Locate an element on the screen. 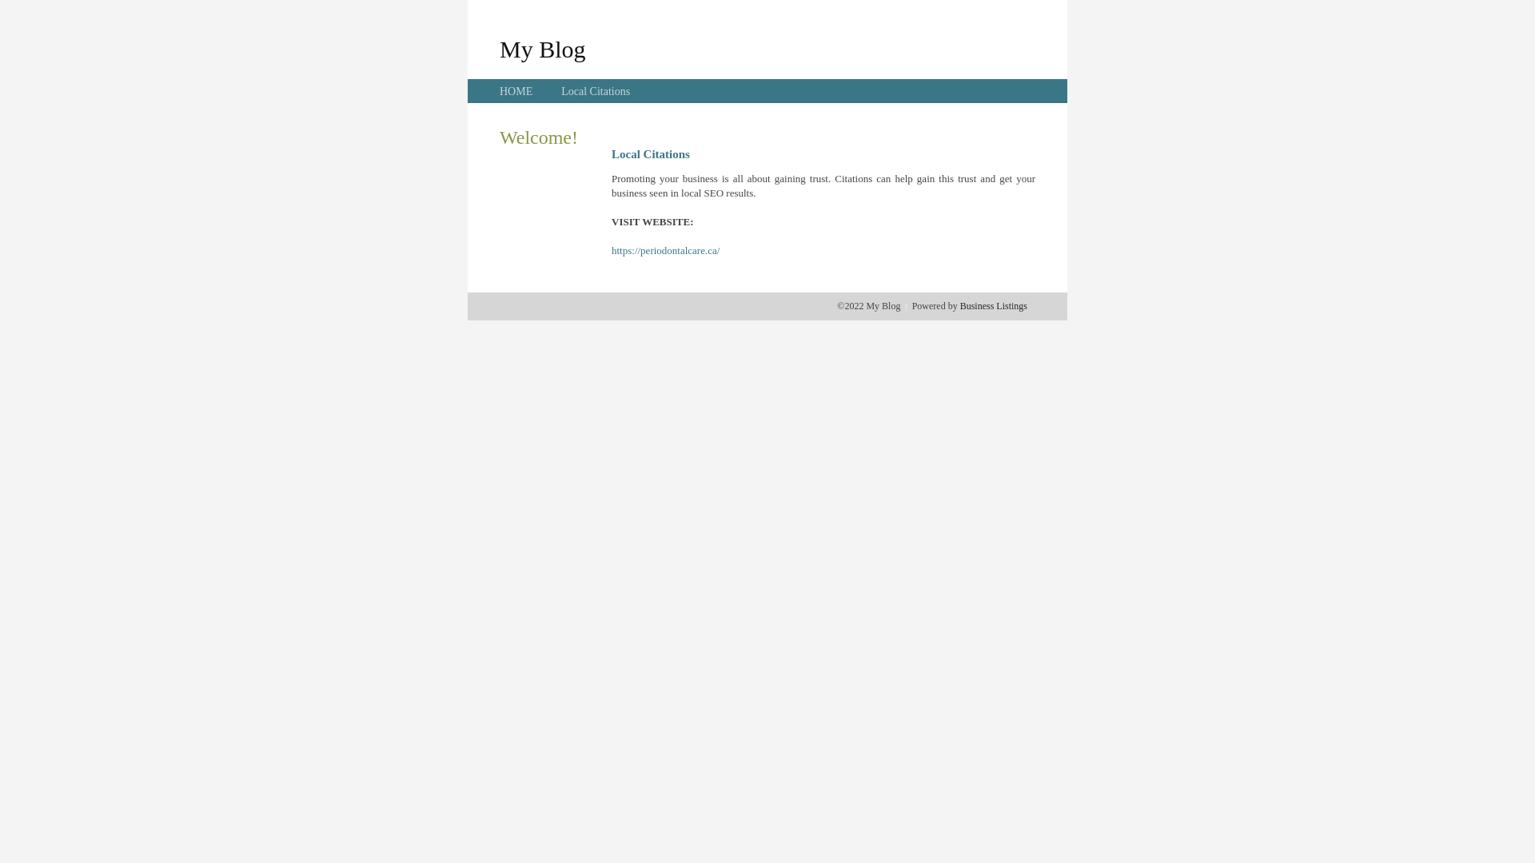 The image size is (1535, 863). 'Business Listings' is located at coordinates (993, 305).